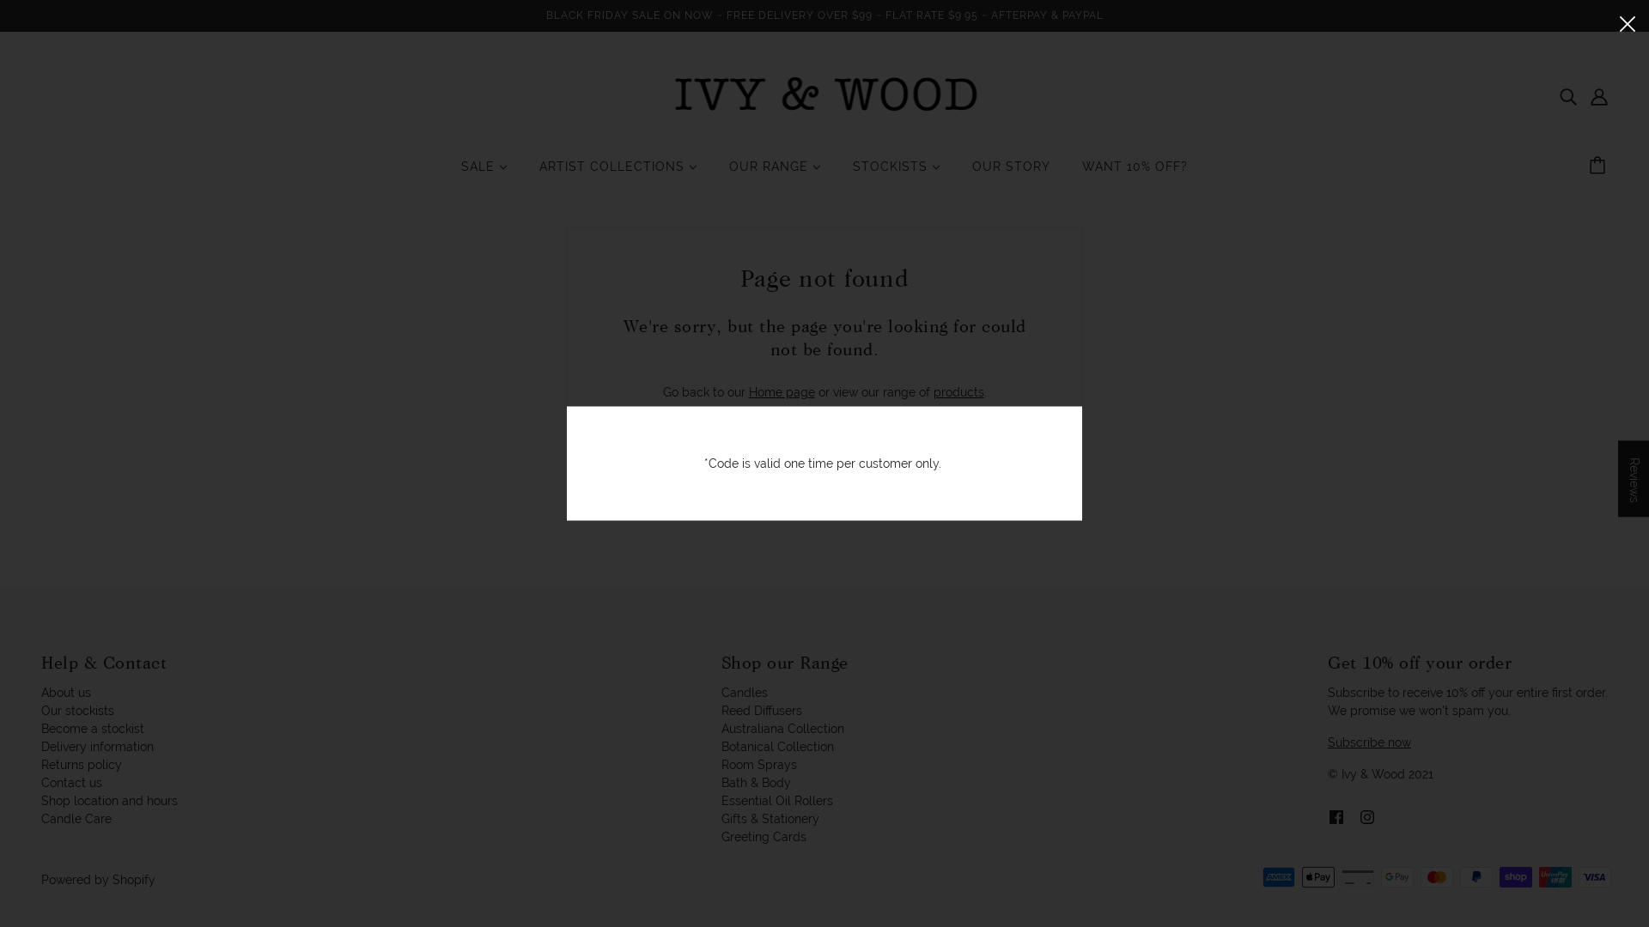 The image size is (1649, 927). I want to click on 'WANT 10% OFF?', so click(1135, 173).